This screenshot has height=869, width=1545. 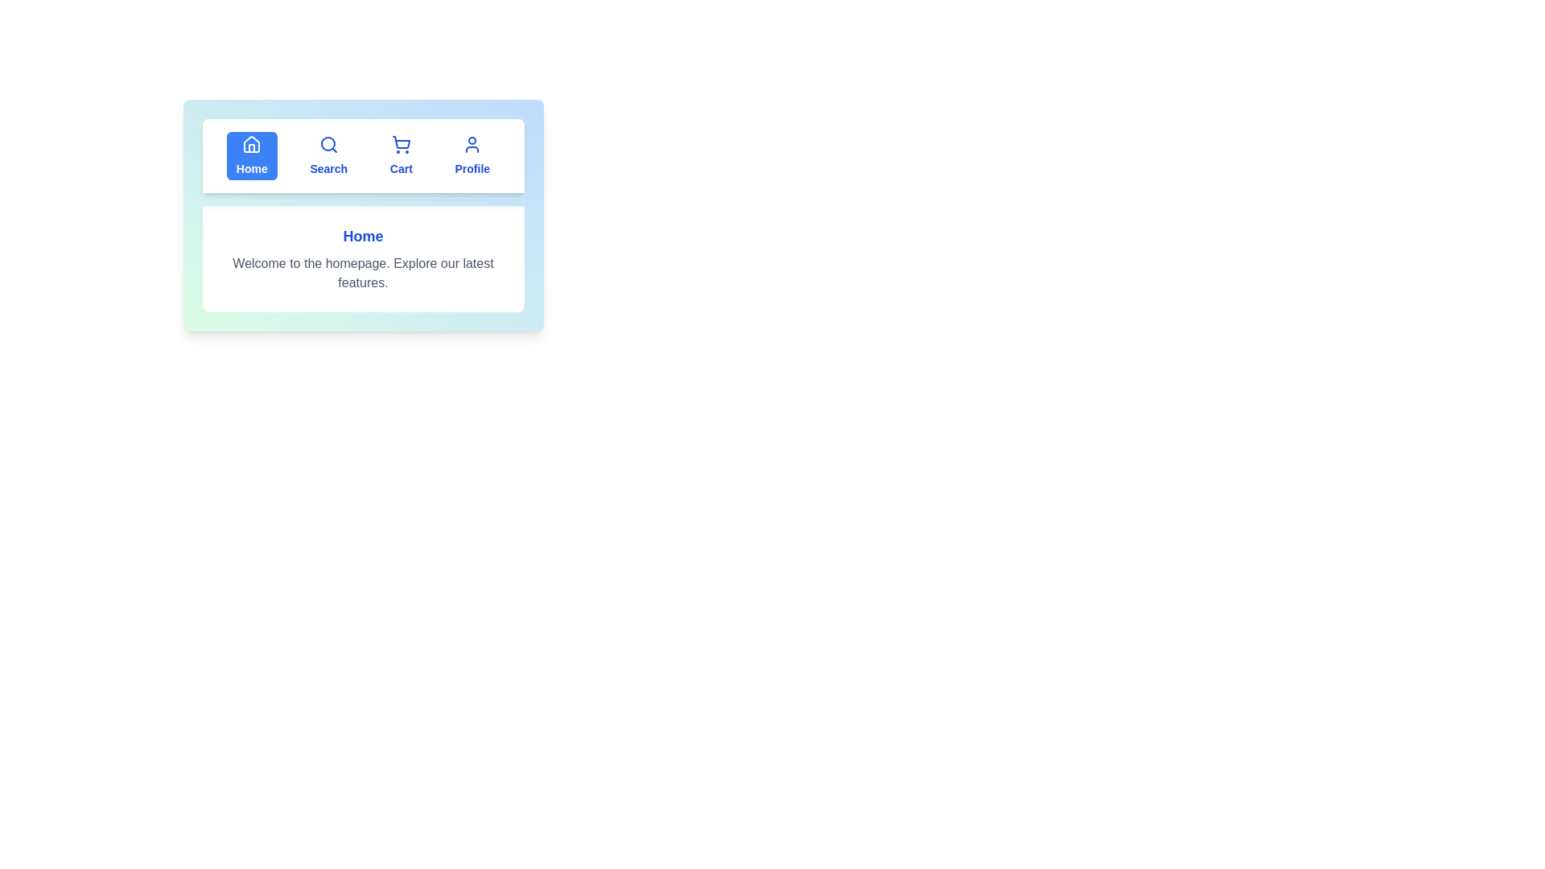 What do you see at coordinates (402, 155) in the screenshot?
I see `the tab labeled Cart to observe its hover effect` at bounding box center [402, 155].